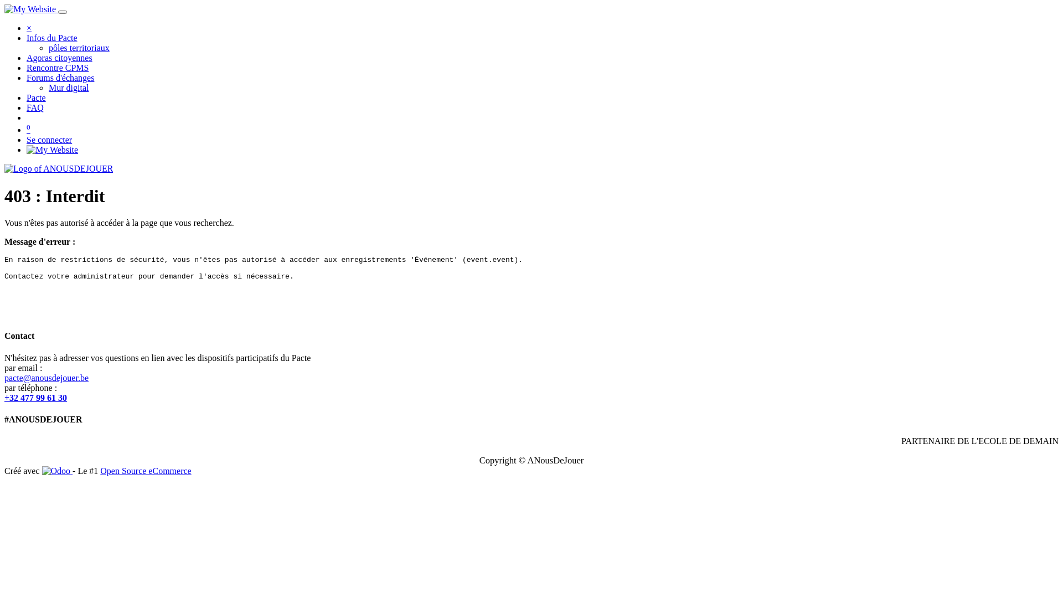  I want to click on 'pacte@anousdejouer.be', so click(45, 377).